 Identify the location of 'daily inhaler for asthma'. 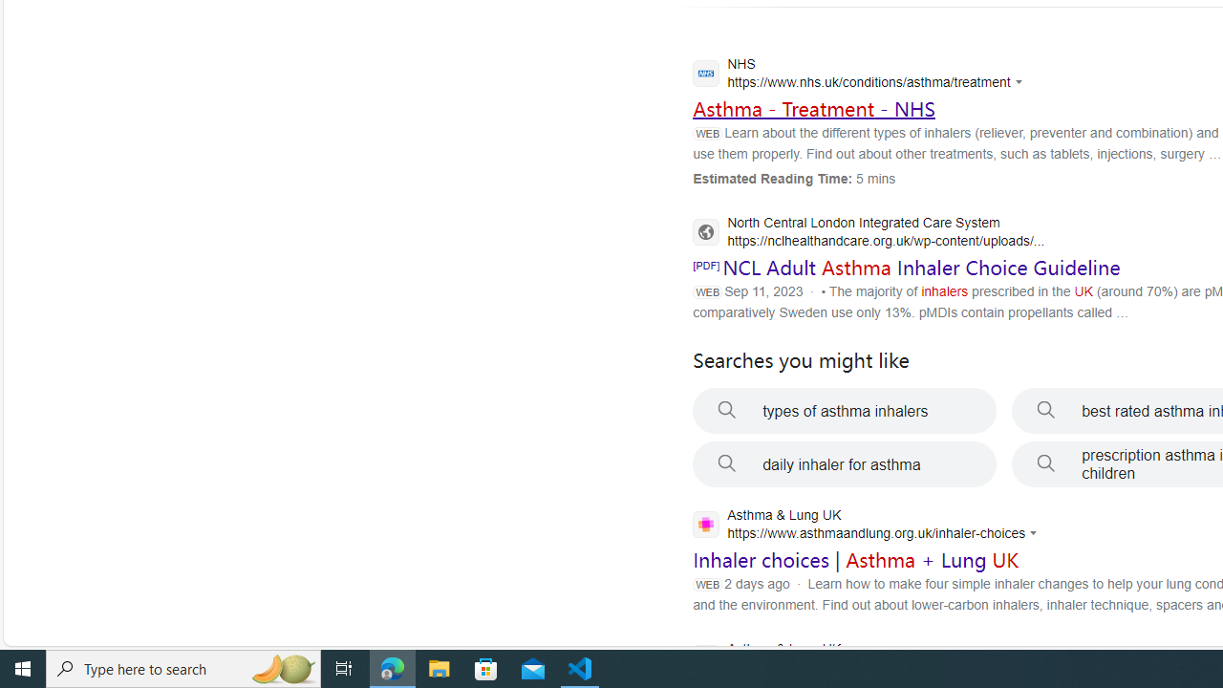
(844, 464).